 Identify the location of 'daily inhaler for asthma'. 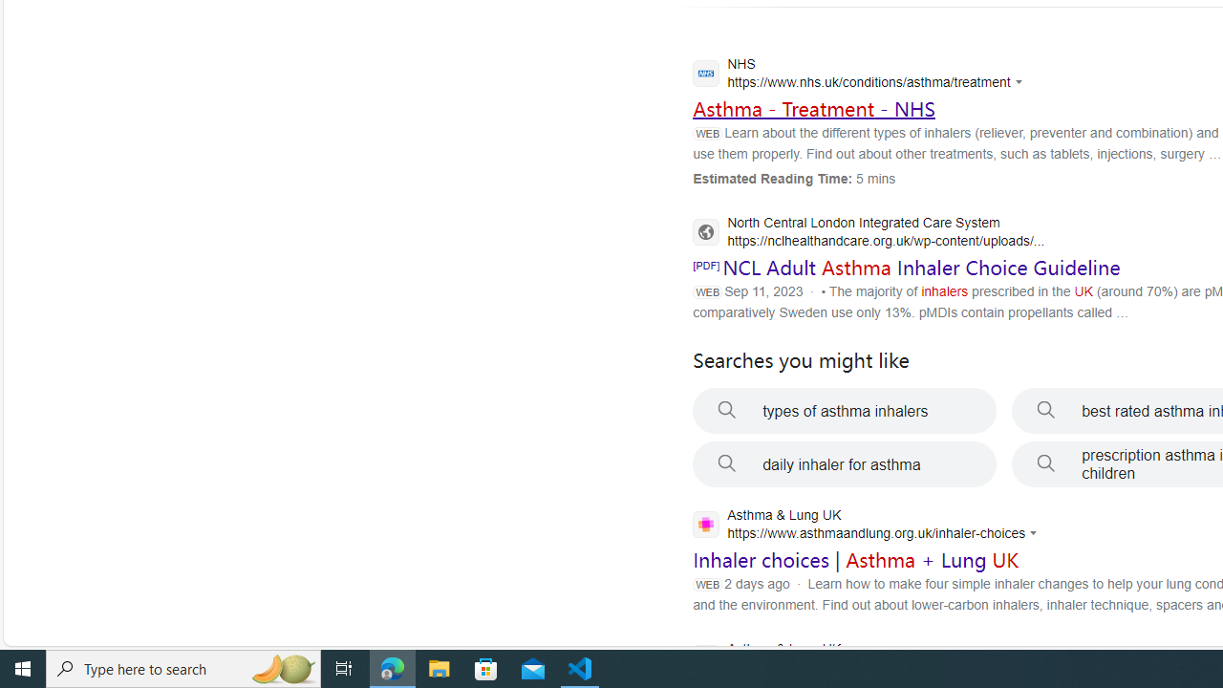
(844, 464).